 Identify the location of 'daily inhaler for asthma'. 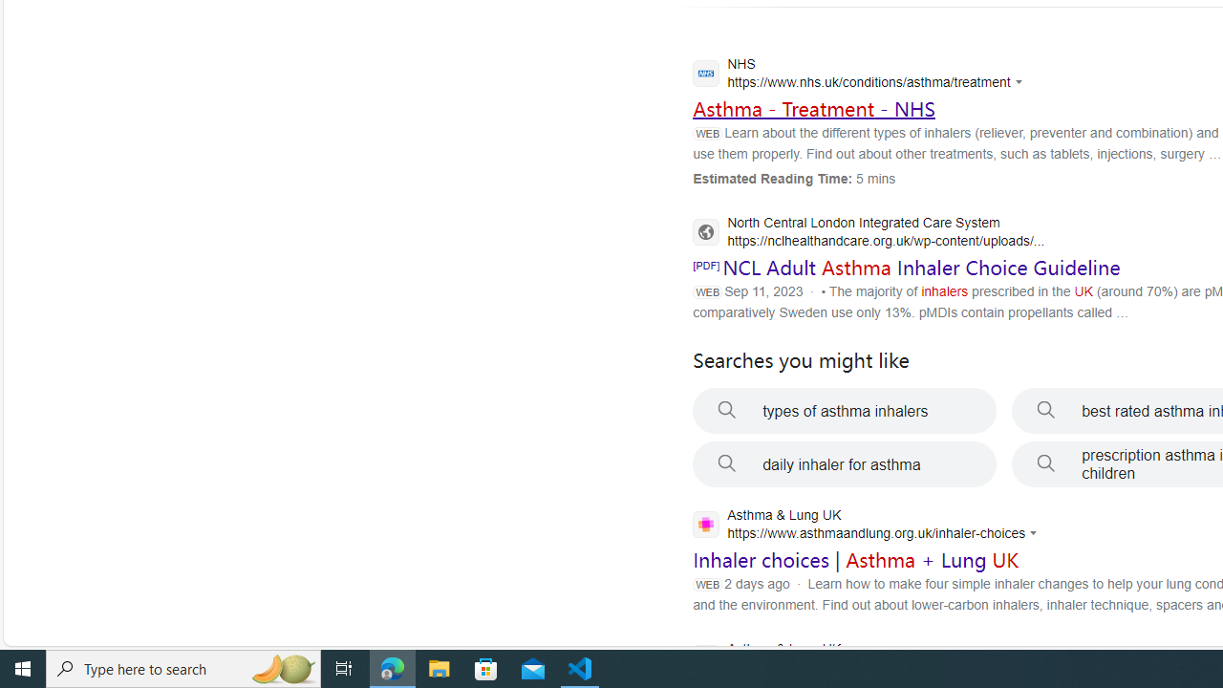
(844, 464).